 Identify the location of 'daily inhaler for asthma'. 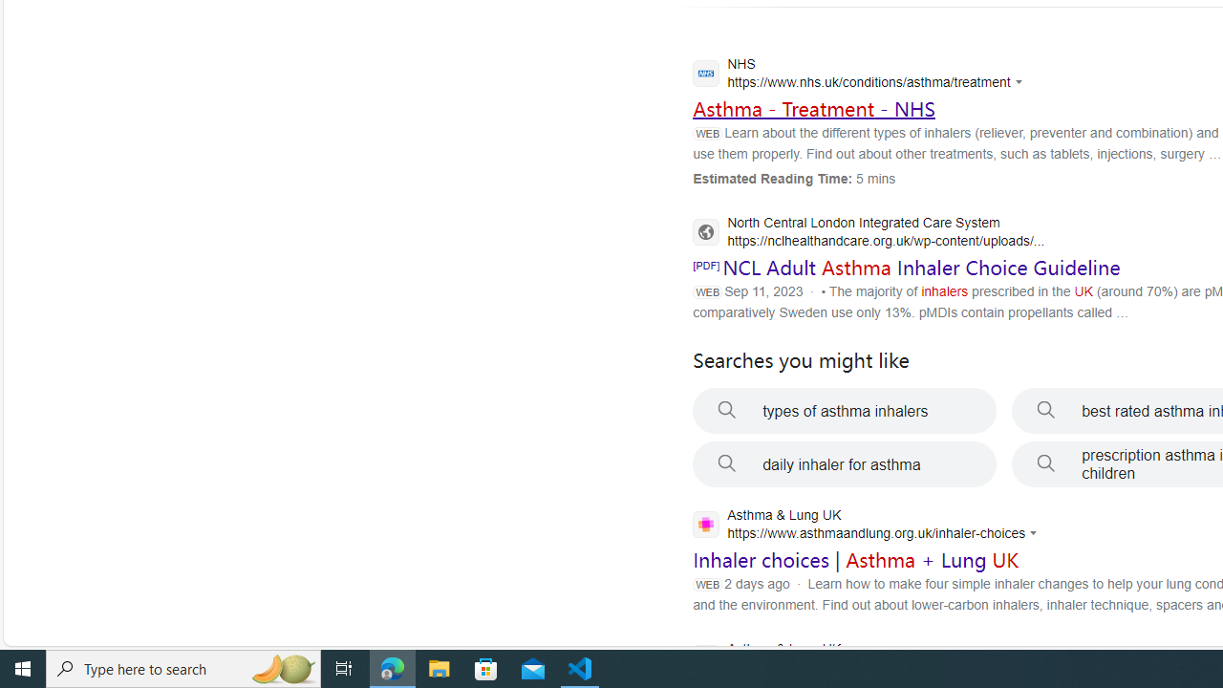
(844, 464).